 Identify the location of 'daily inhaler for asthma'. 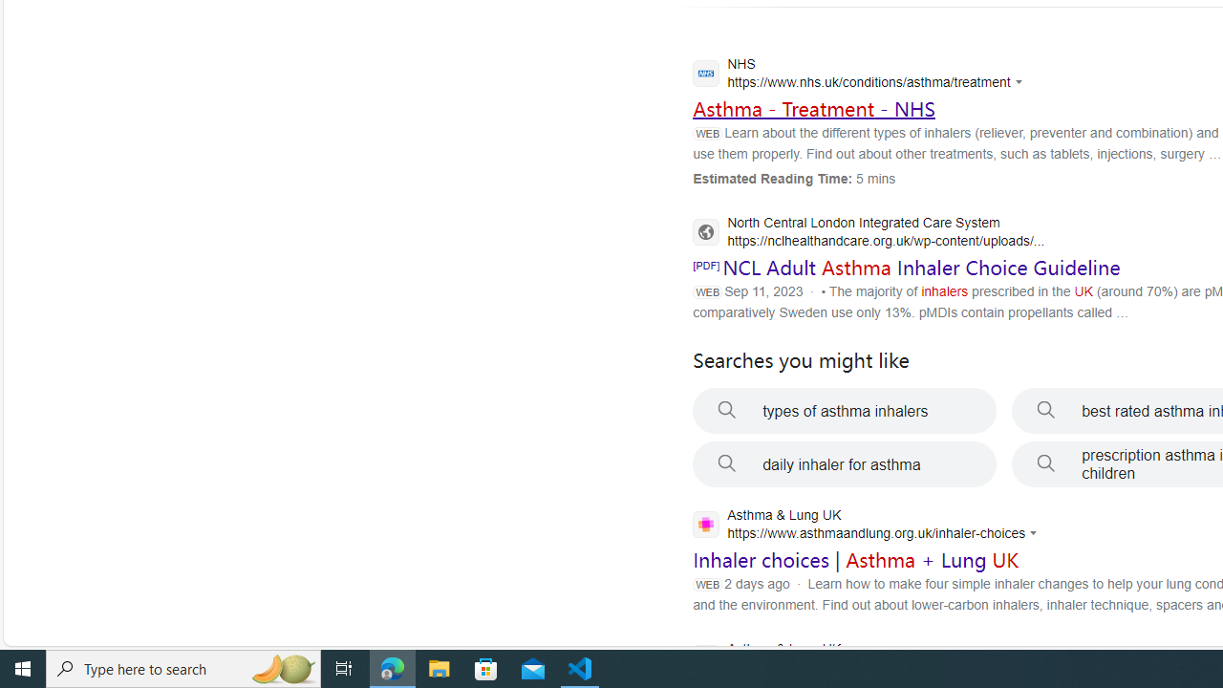
(844, 464).